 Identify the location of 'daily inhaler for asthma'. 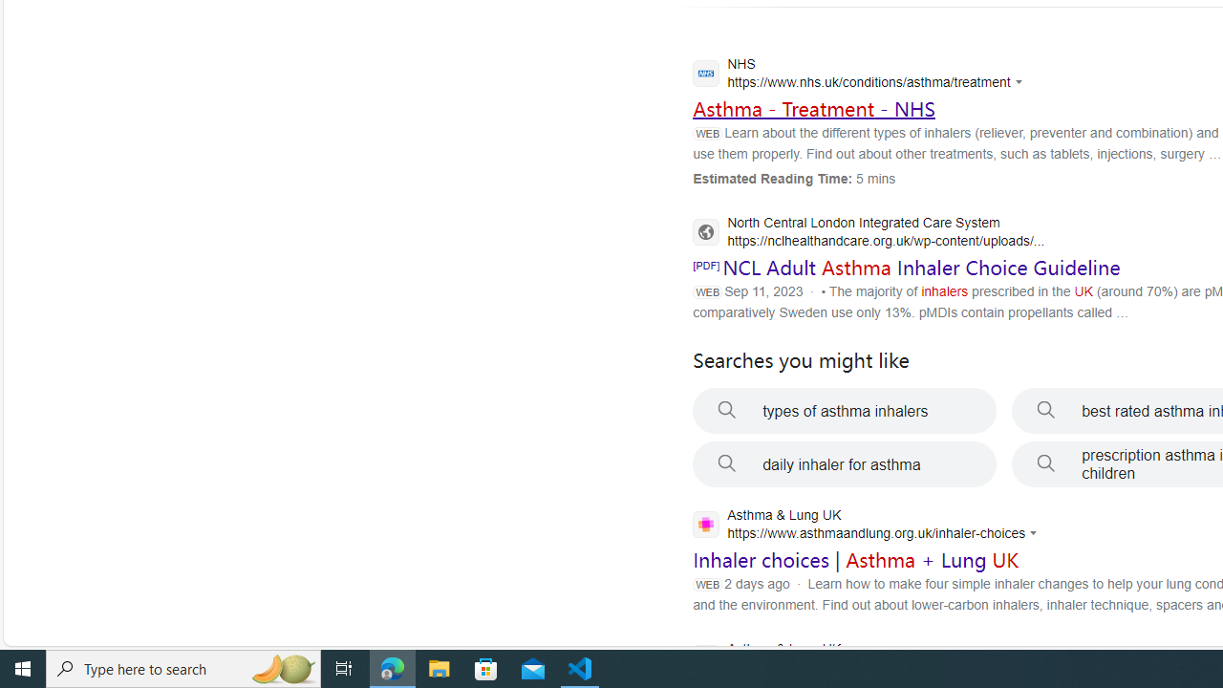
(844, 464).